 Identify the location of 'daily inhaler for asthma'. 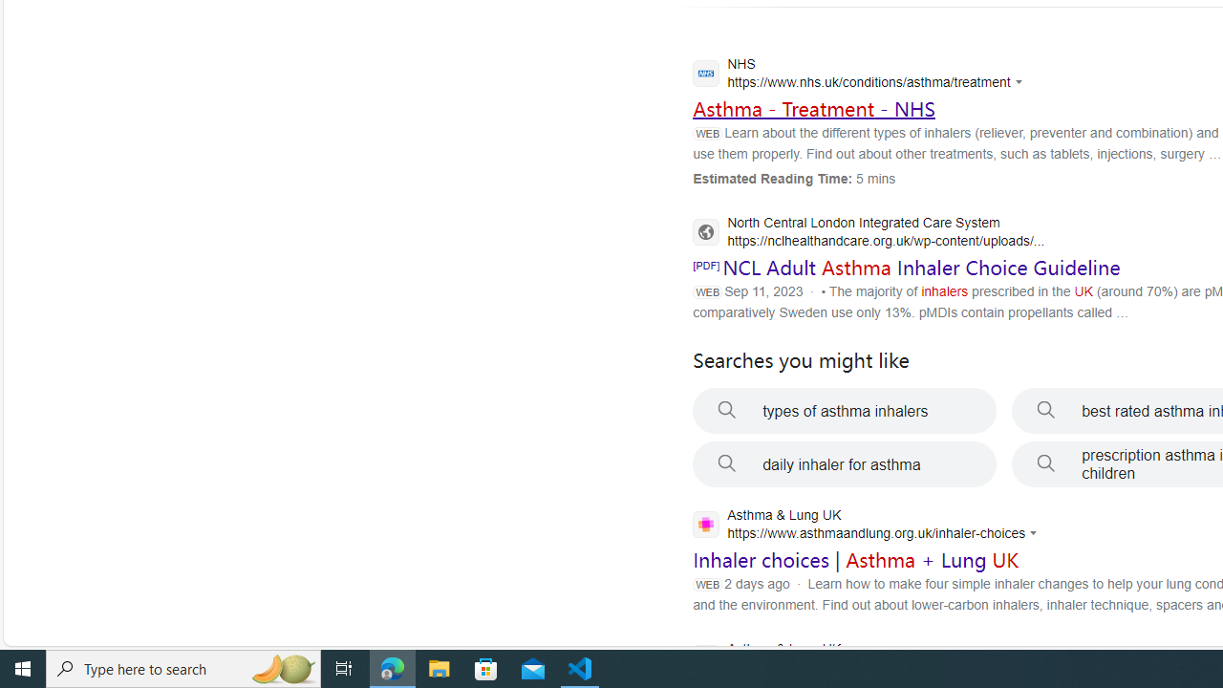
(844, 464).